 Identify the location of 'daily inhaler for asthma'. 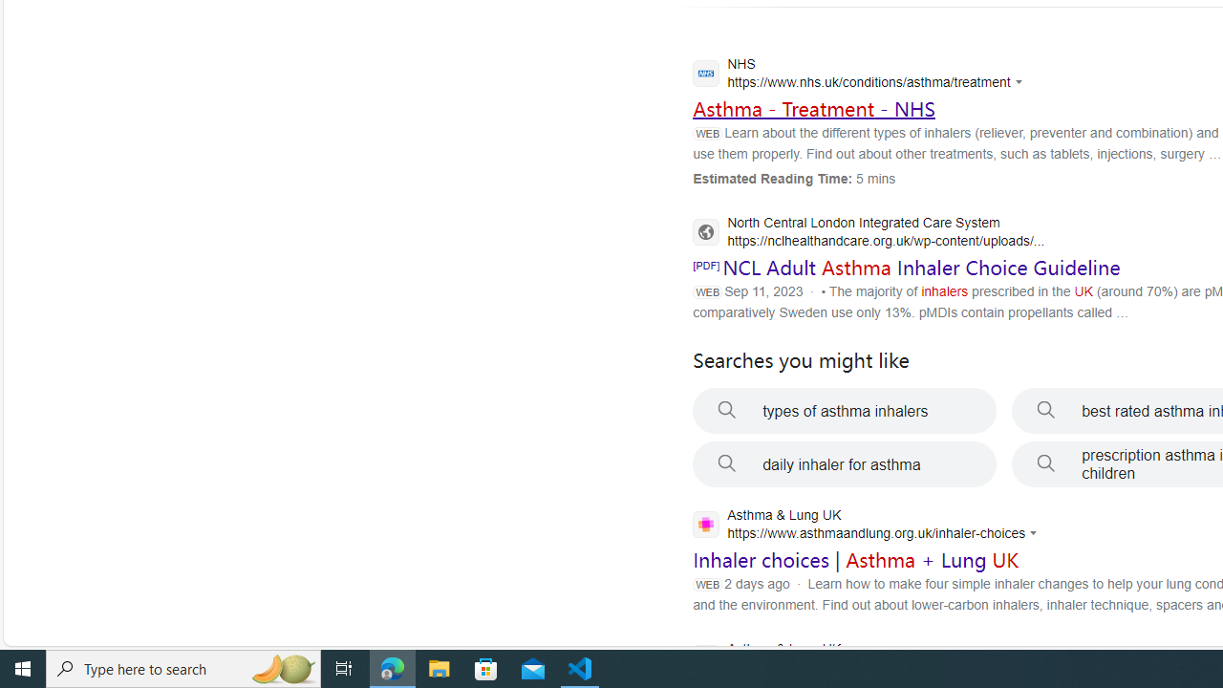
(844, 464).